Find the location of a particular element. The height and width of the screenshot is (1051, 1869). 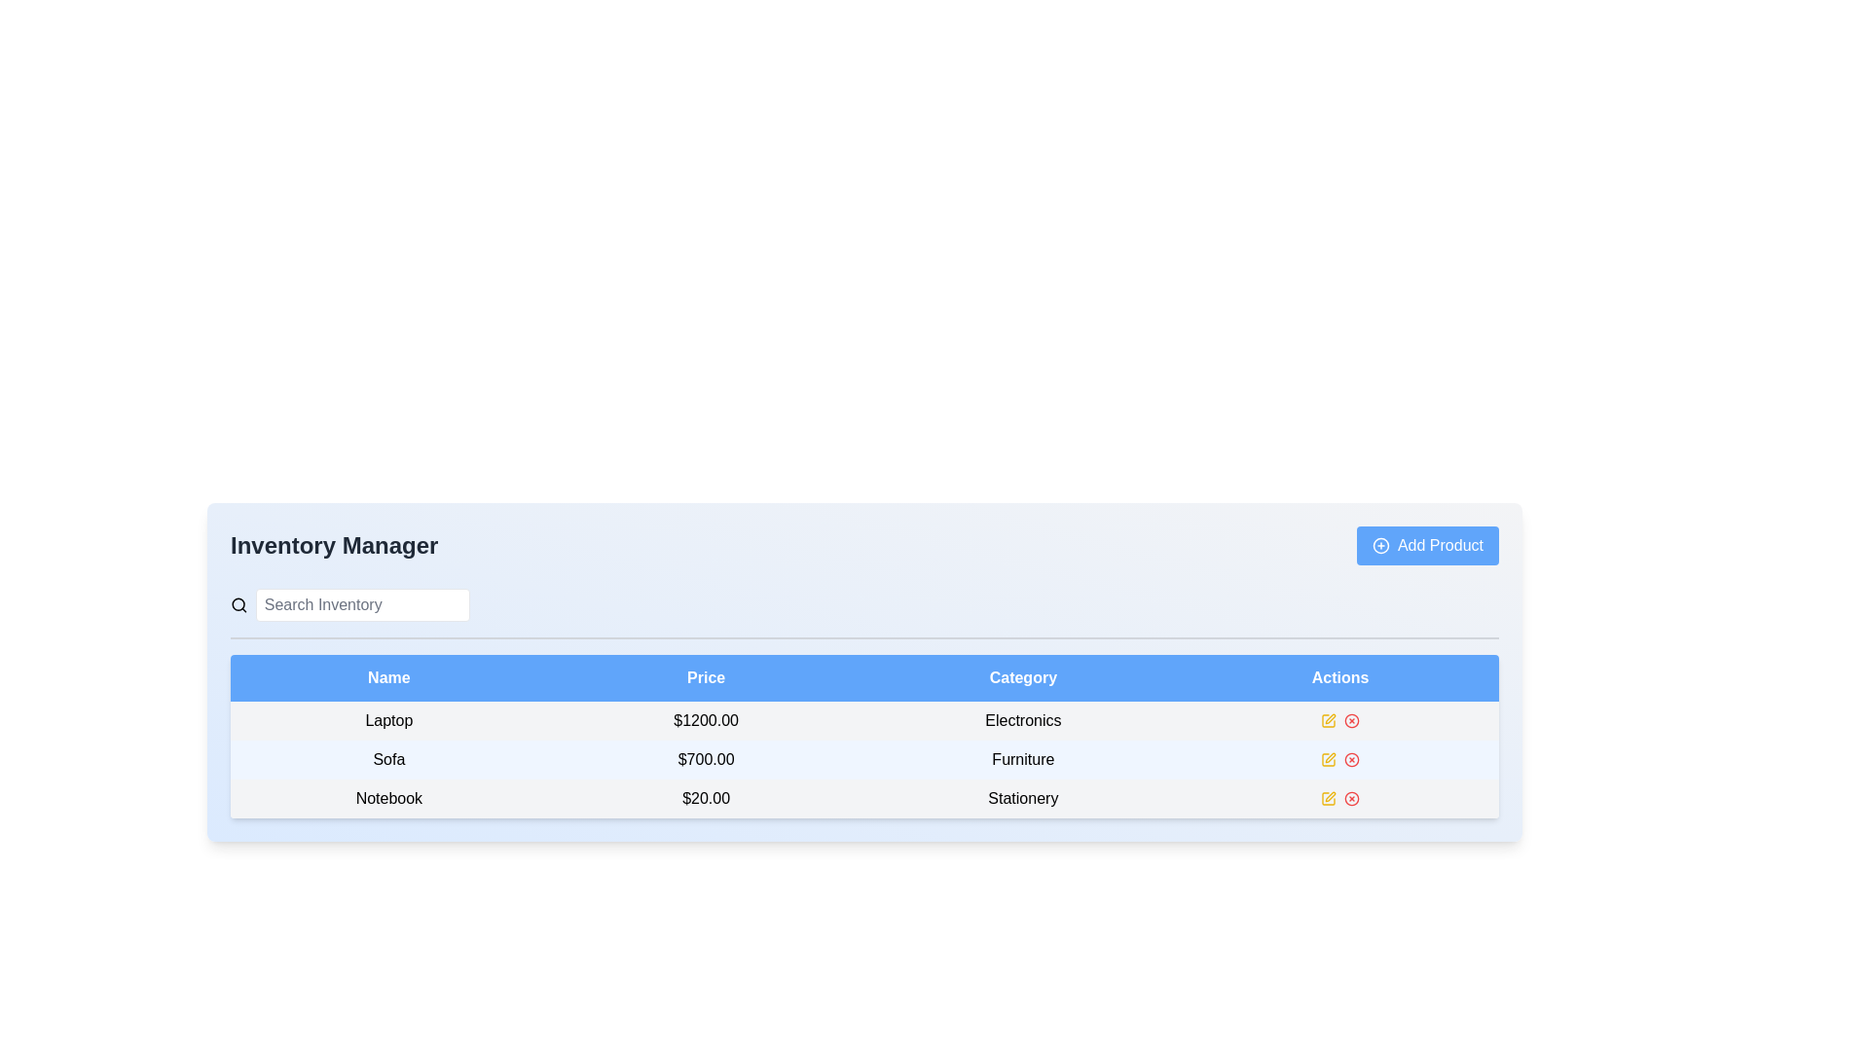

the edit icon/button in the 'Actions' column of the last row in the table is located at coordinates (1330, 719).